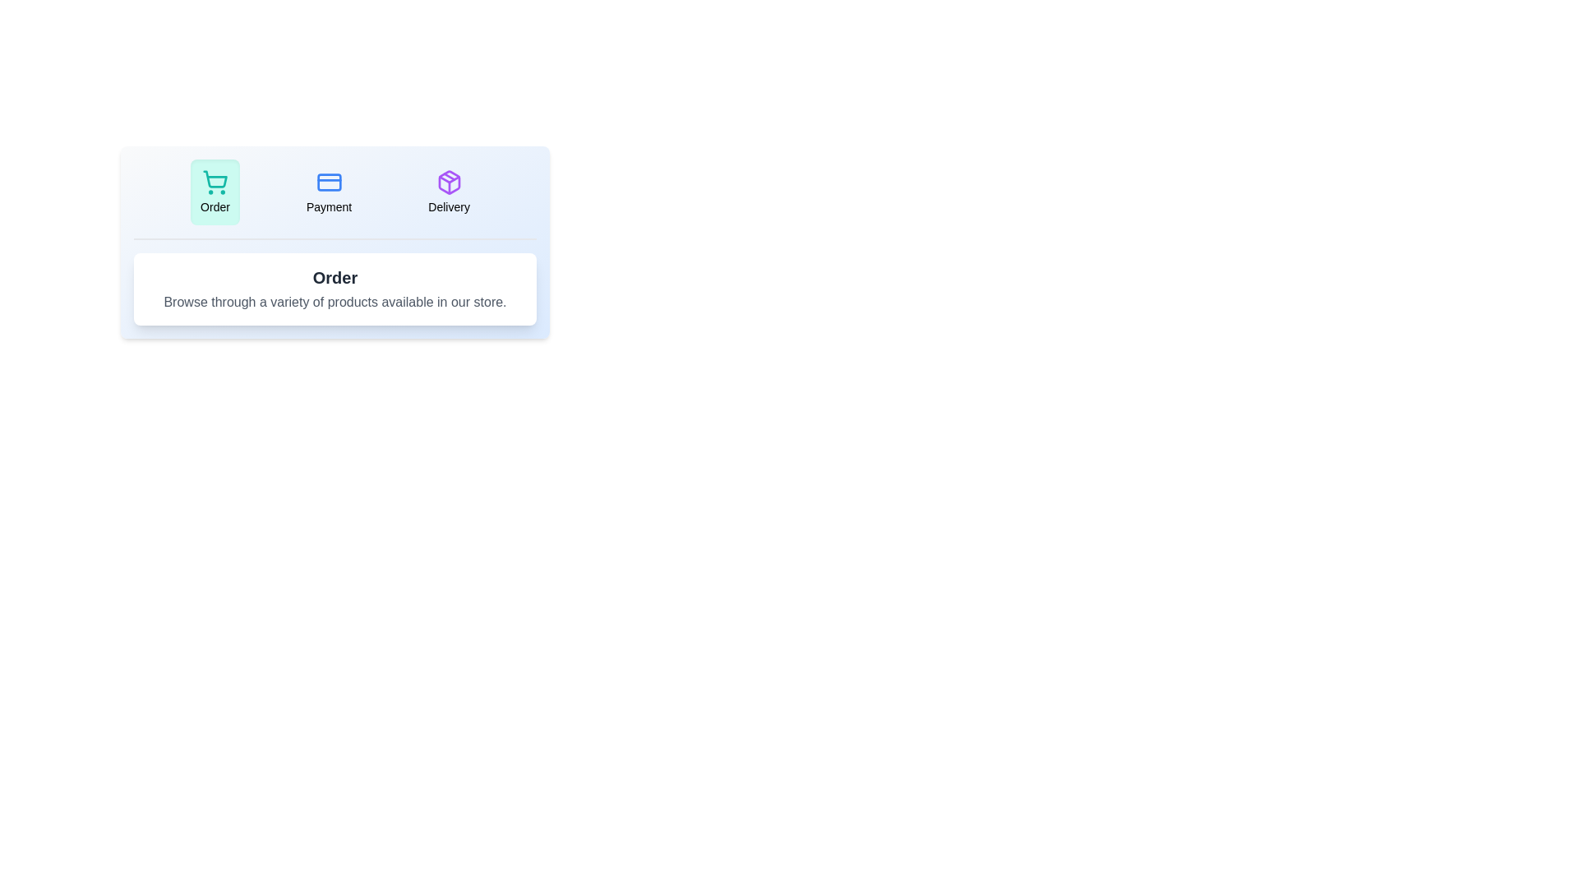 The image size is (1578, 888). Describe the element at coordinates (329, 192) in the screenshot. I see `the Payment tab by clicking on it` at that location.